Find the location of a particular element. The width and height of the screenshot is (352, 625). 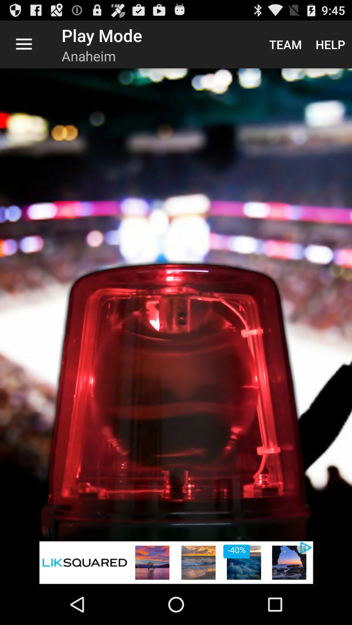

item next to the team item is located at coordinates (330, 44).